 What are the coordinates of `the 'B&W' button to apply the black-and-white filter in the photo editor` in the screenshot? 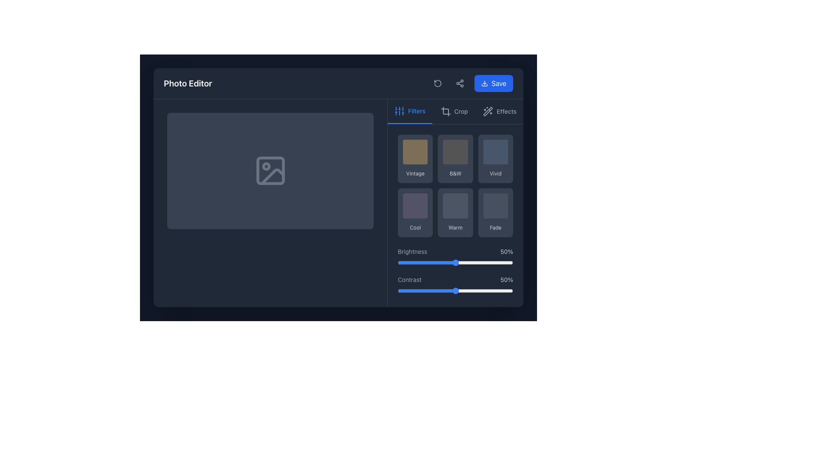 It's located at (455, 159).